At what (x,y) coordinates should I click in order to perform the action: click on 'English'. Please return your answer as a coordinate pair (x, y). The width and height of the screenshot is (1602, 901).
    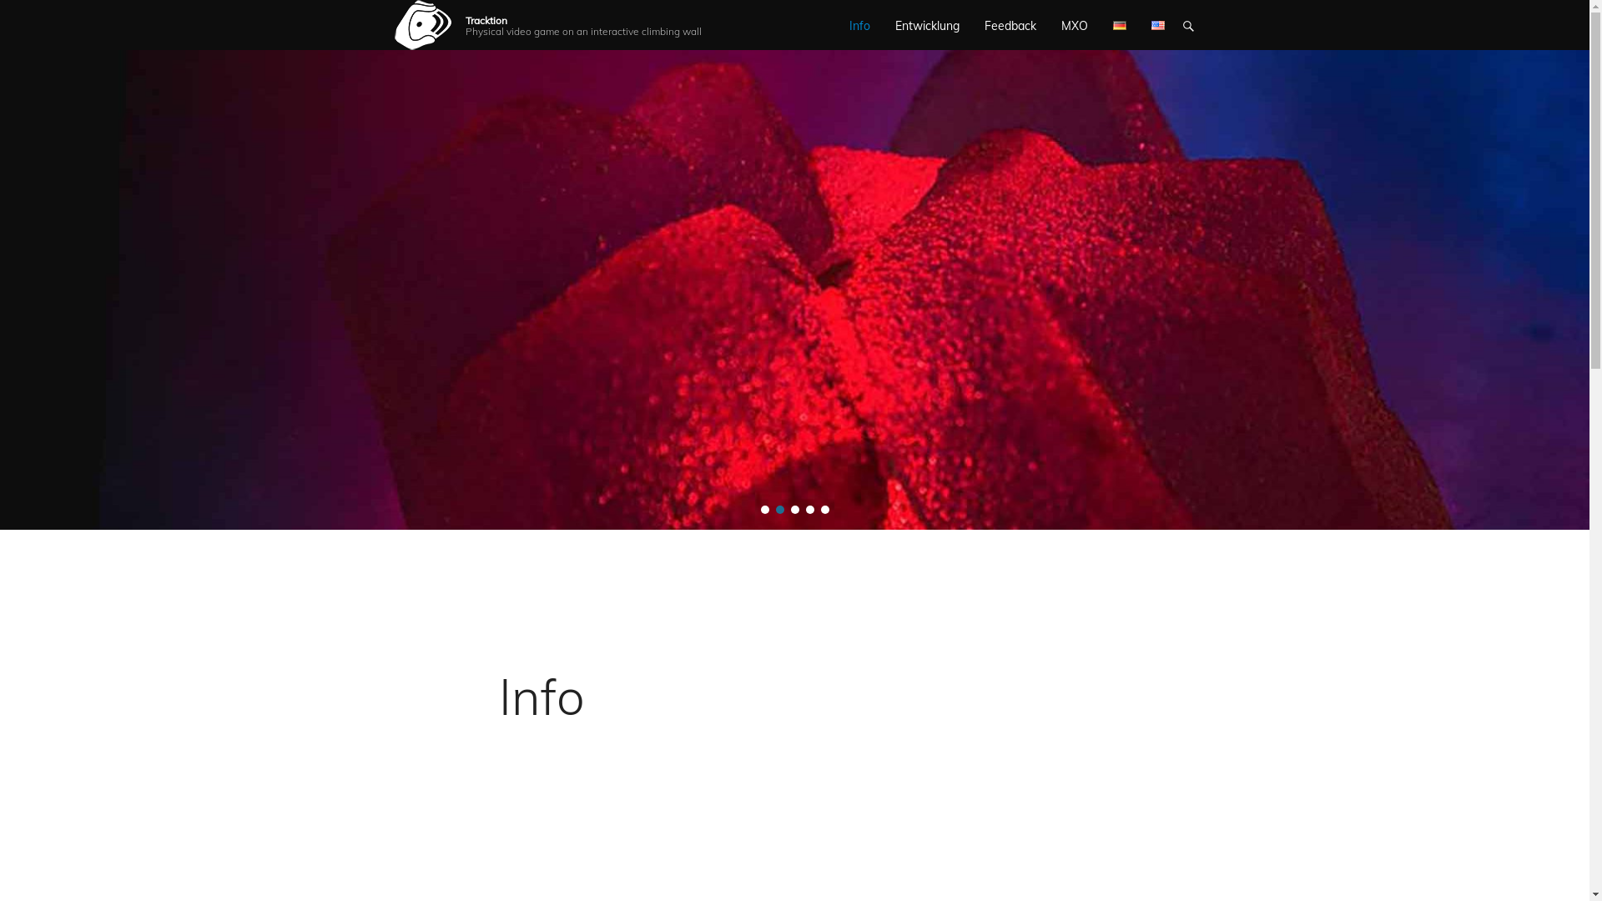
    Looking at the image, I should click on (1151, 25).